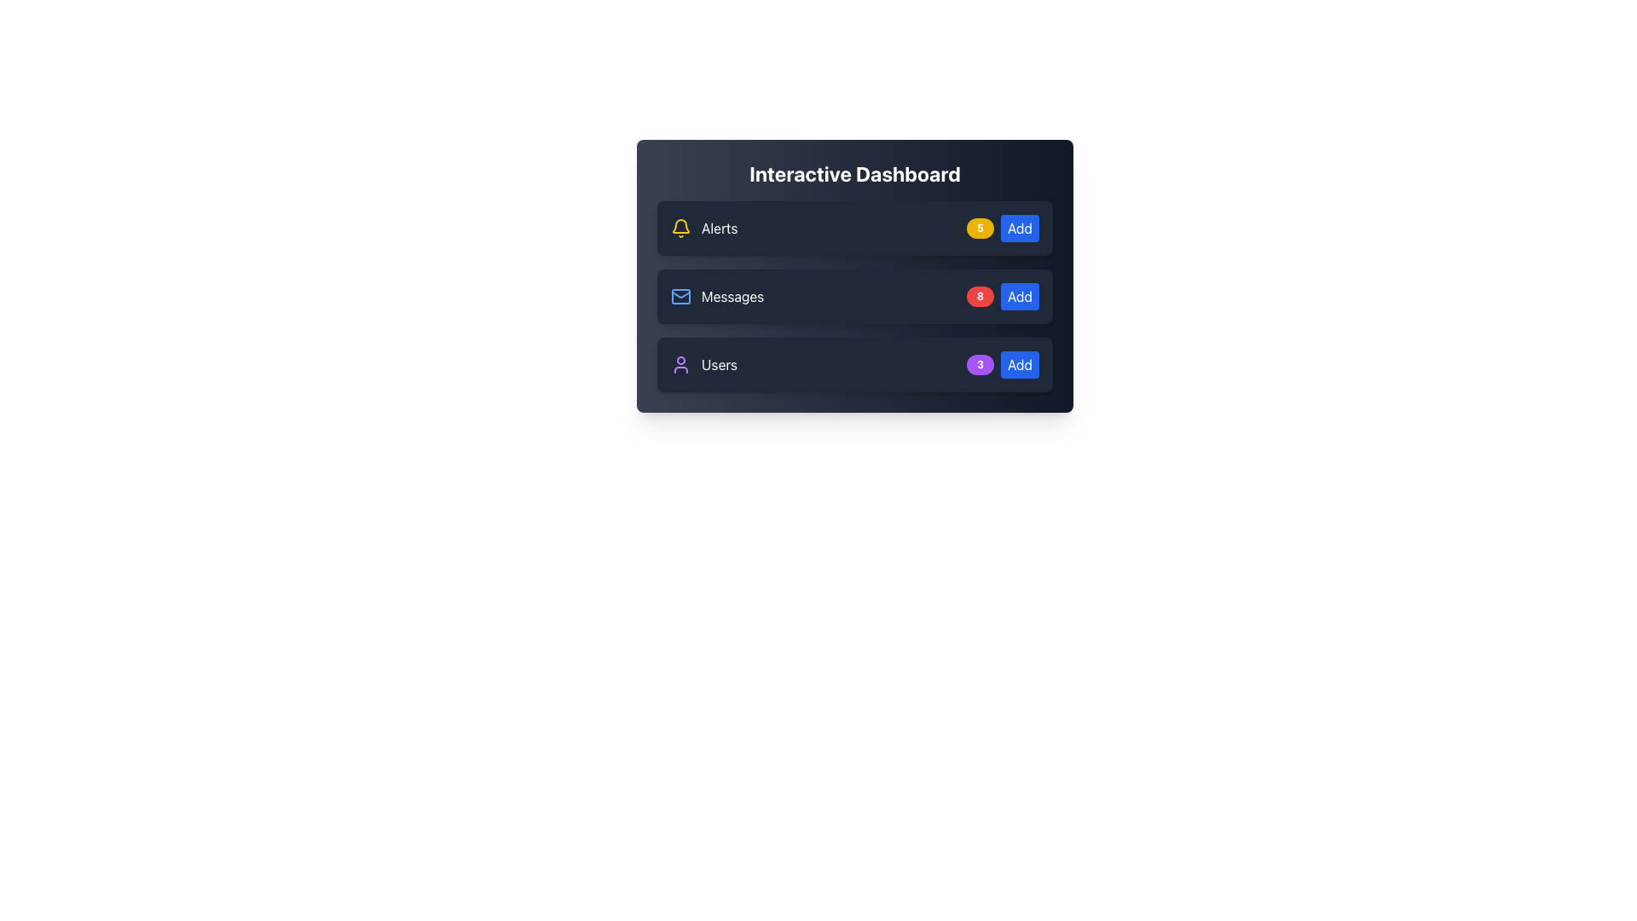 This screenshot has height=921, width=1637. I want to click on the 'Users' text label that indicates the category in the user interface, positioned to the right of a user figure icon within the Interactive Dashboard, so click(720, 364).